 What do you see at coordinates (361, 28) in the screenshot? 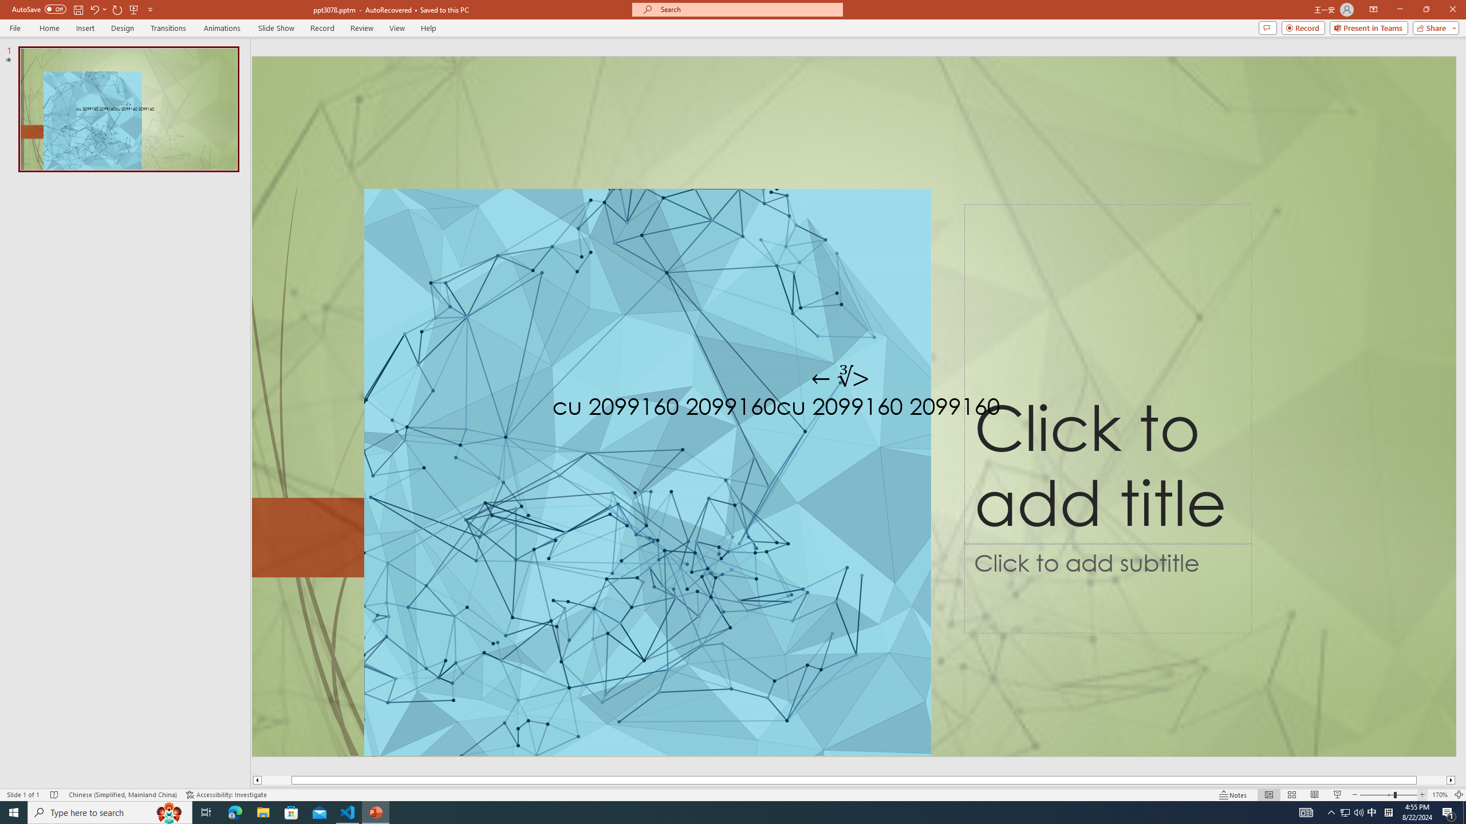
I see `'Review'` at bounding box center [361, 28].